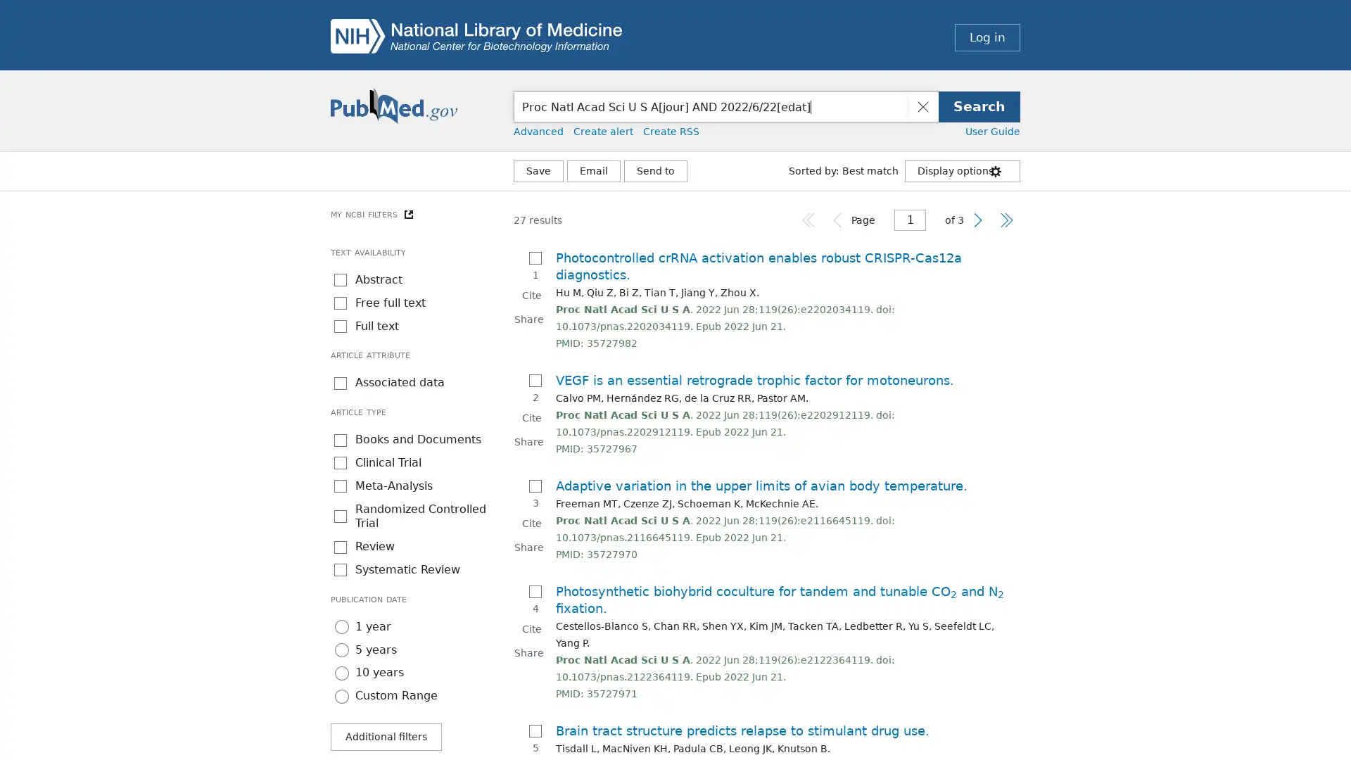 The width and height of the screenshot is (1351, 760). What do you see at coordinates (1006, 220) in the screenshot?
I see `Navigates to the last page of results.` at bounding box center [1006, 220].